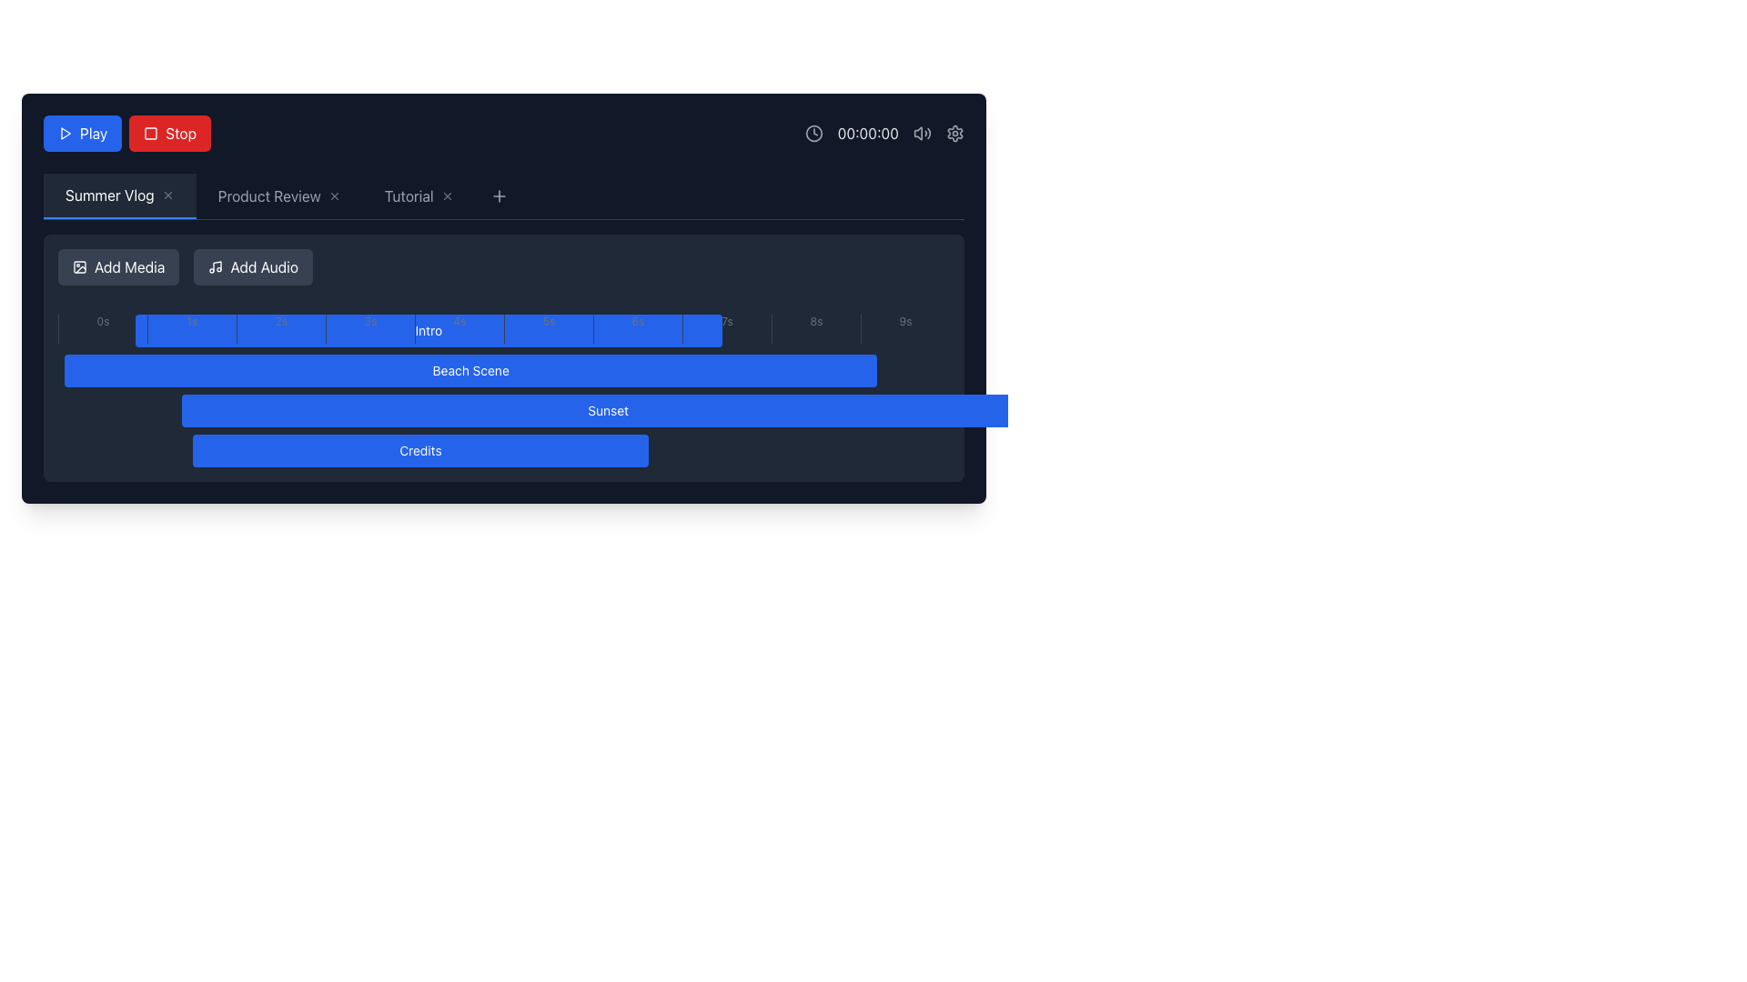 This screenshot has height=982, width=1747. Describe the element at coordinates (954, 132) in the screenshot. I see `the settings icon, which is a gray outlined gear shape located in the top-right corner of the interface` at that location.